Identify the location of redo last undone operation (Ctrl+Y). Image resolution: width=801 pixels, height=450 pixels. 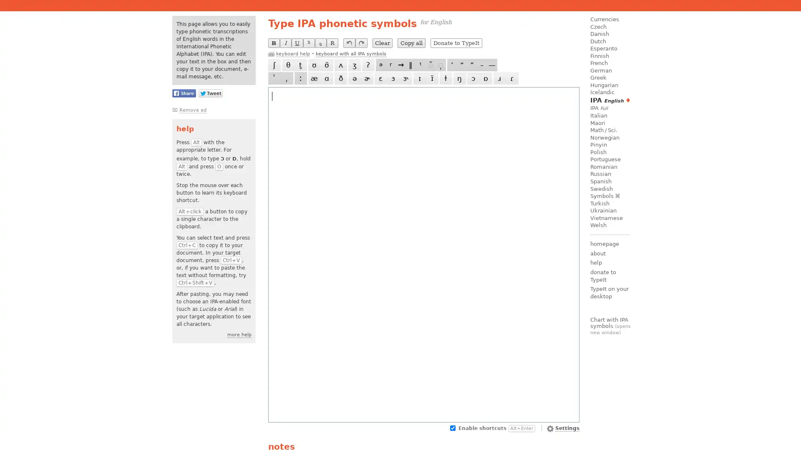
(361, 43).